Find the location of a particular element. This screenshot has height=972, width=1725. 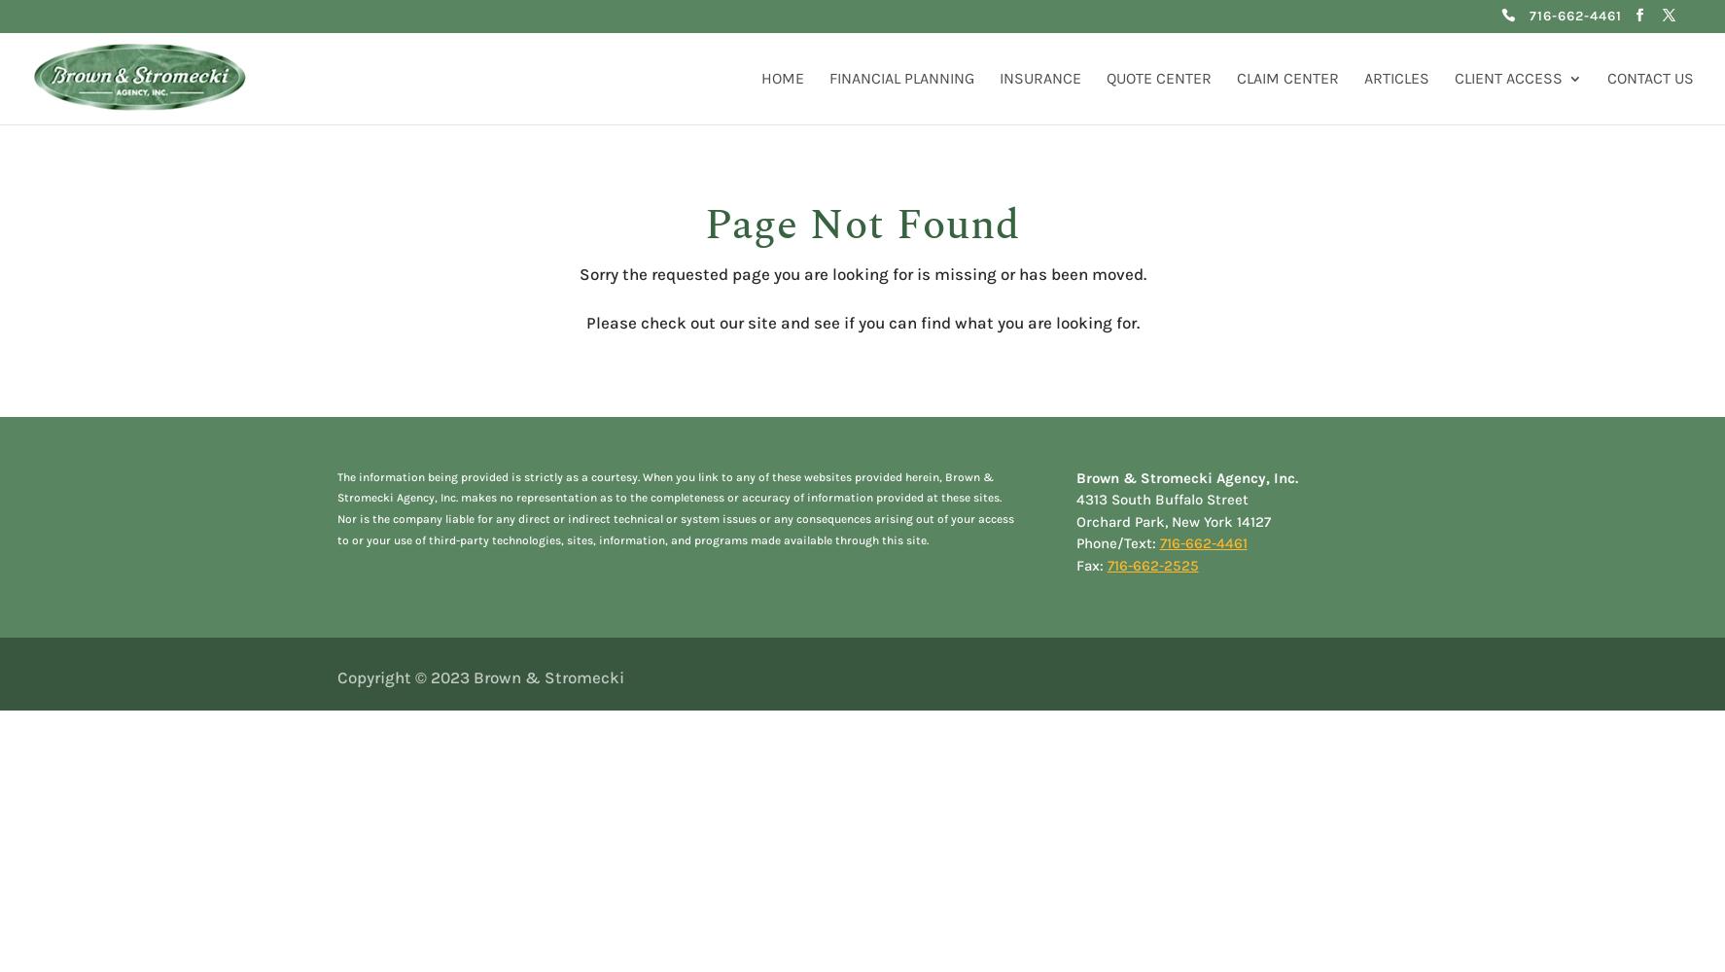

'Sorry the requested page you are looking for is missing or has been moved.' is located at coordinates (862, 274).